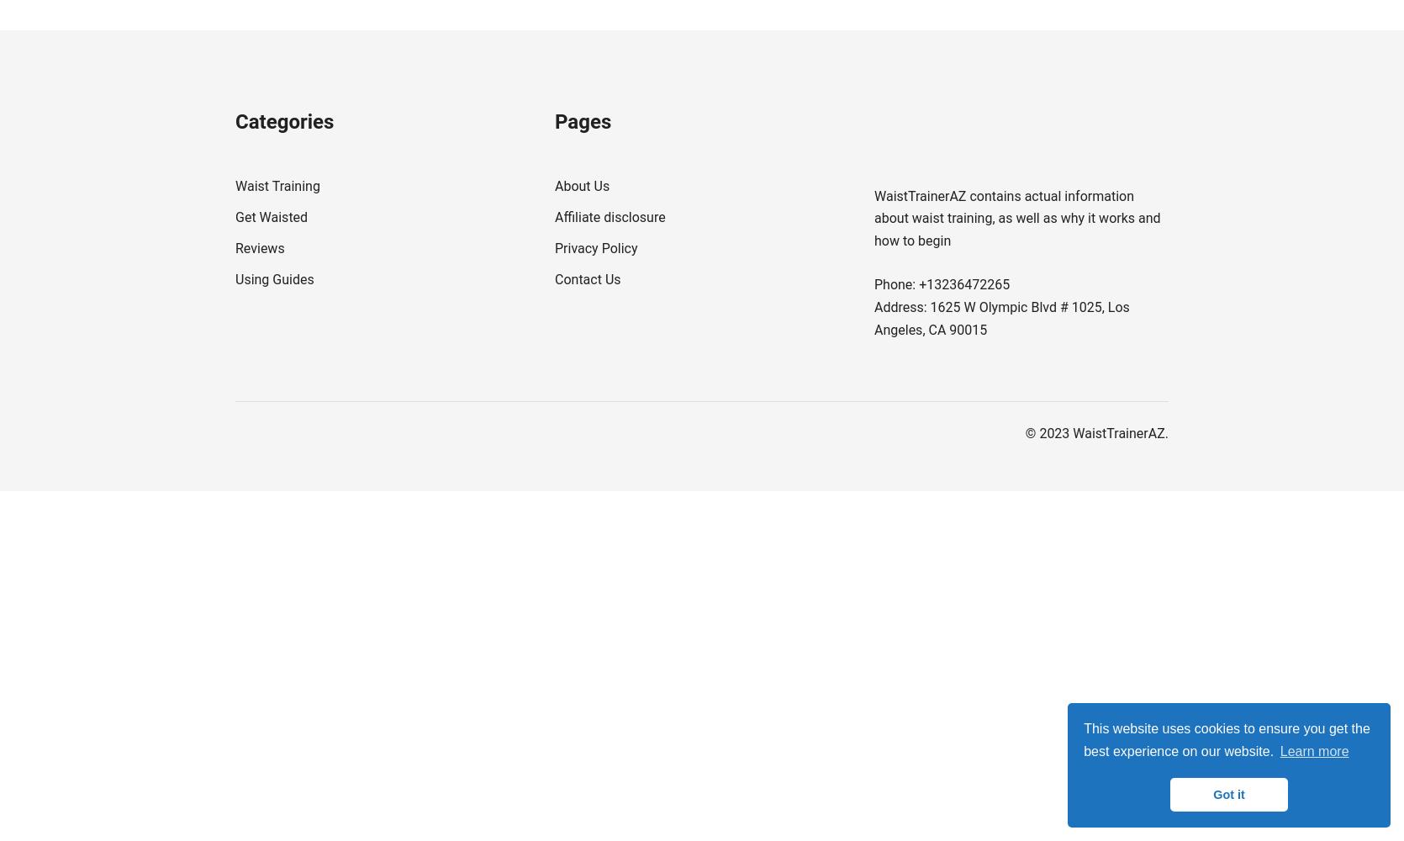  What do you see at coordinates (582, 185) in the screenshot?
I see `'About Us'` at bounding box center [582, 185].